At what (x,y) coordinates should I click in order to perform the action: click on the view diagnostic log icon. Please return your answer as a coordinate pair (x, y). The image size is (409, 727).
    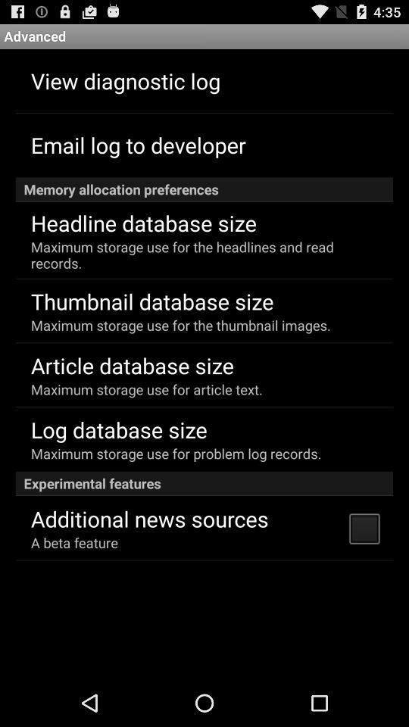
    Looking at the image, I should click on (125, 80).